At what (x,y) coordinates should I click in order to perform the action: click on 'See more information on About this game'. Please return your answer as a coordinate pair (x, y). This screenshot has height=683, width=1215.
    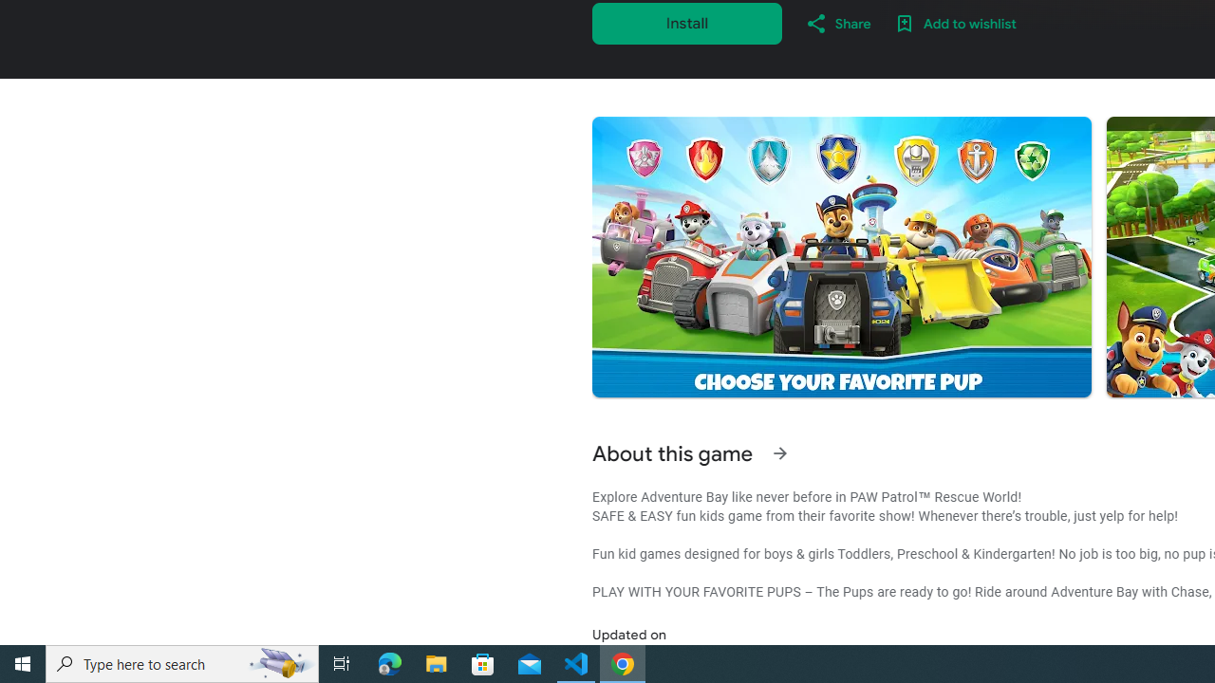
    Looking at the image, I should click on (779, 453).